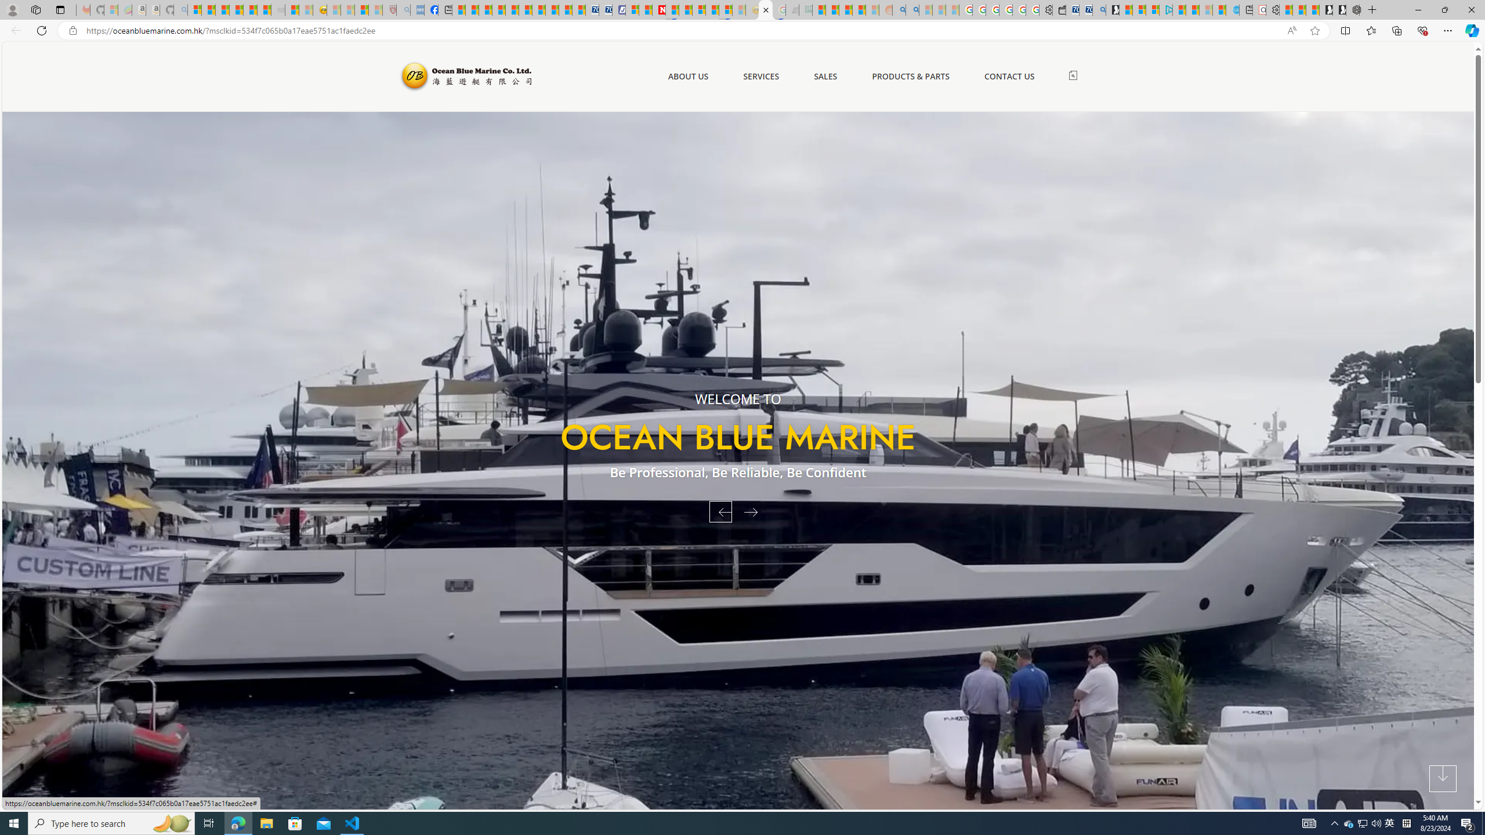  What do you see at coordinates (754, 511) in the screenshot?
I see `'Next Slide'` at bounding box center [754, 511].